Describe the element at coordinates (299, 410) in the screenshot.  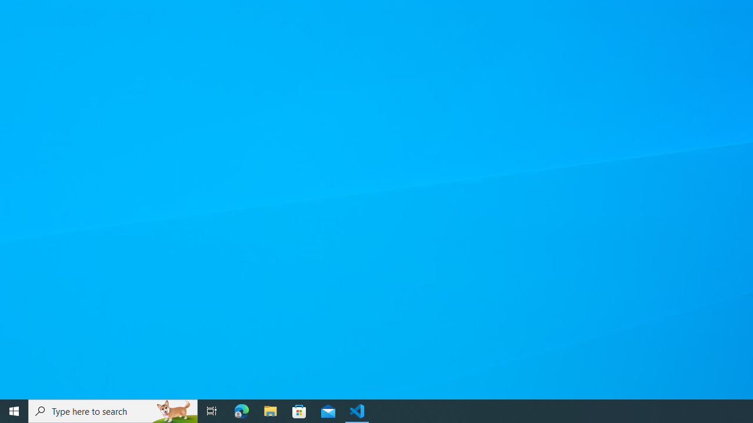
I see `'Microsoft Store'` at that location.